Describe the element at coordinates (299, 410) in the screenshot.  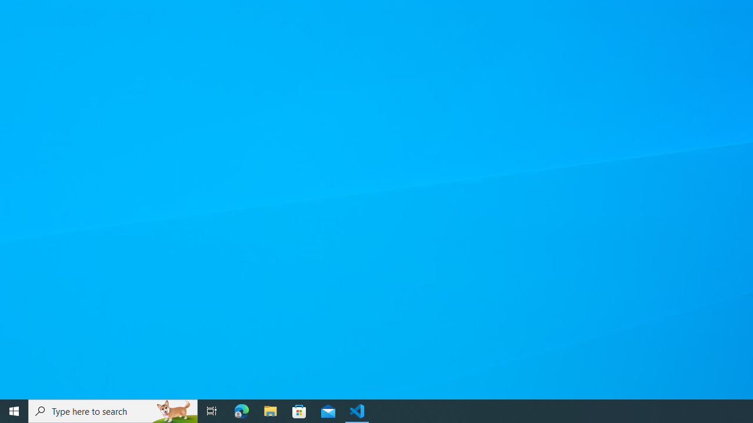
I see `'Microsoft Store'` at that location.